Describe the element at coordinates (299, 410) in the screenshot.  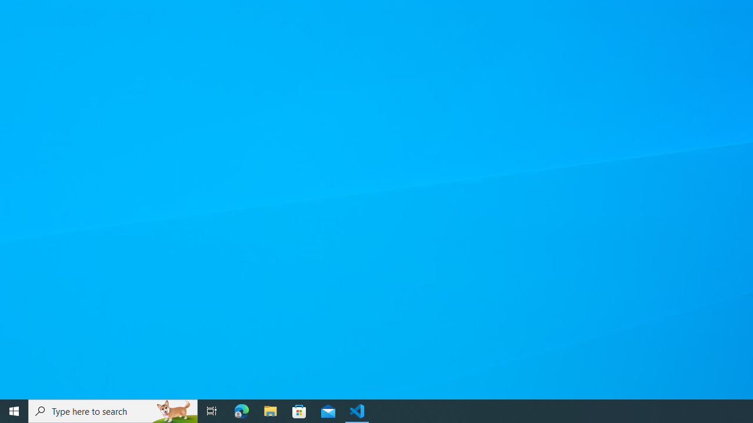
I see `'Microsoft Store'` at that location.